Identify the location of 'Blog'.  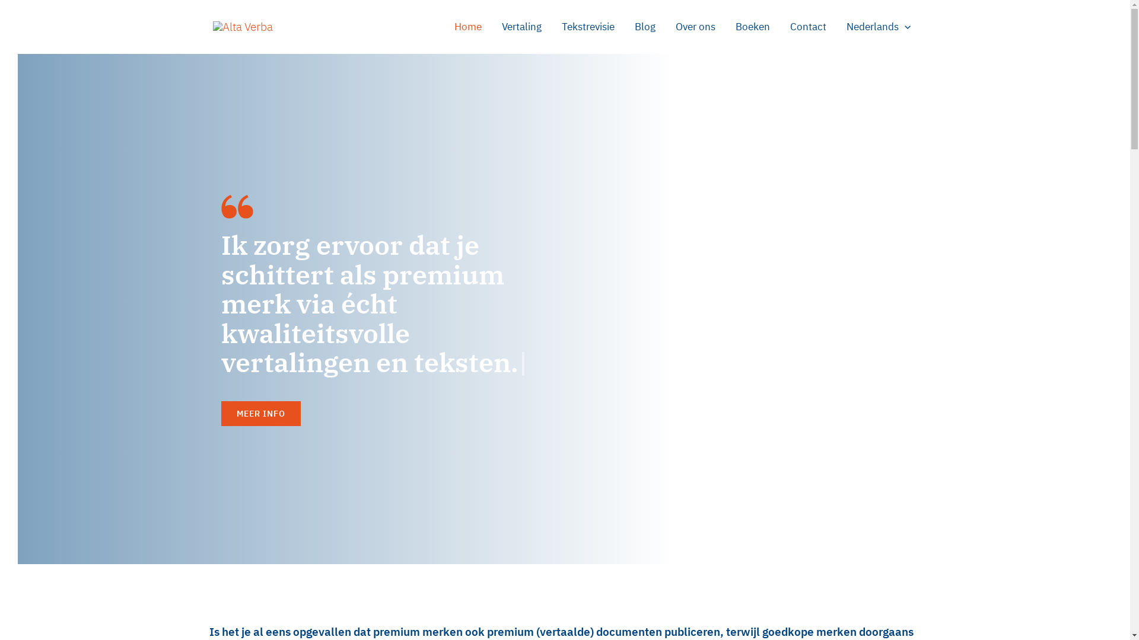
(644, 27).